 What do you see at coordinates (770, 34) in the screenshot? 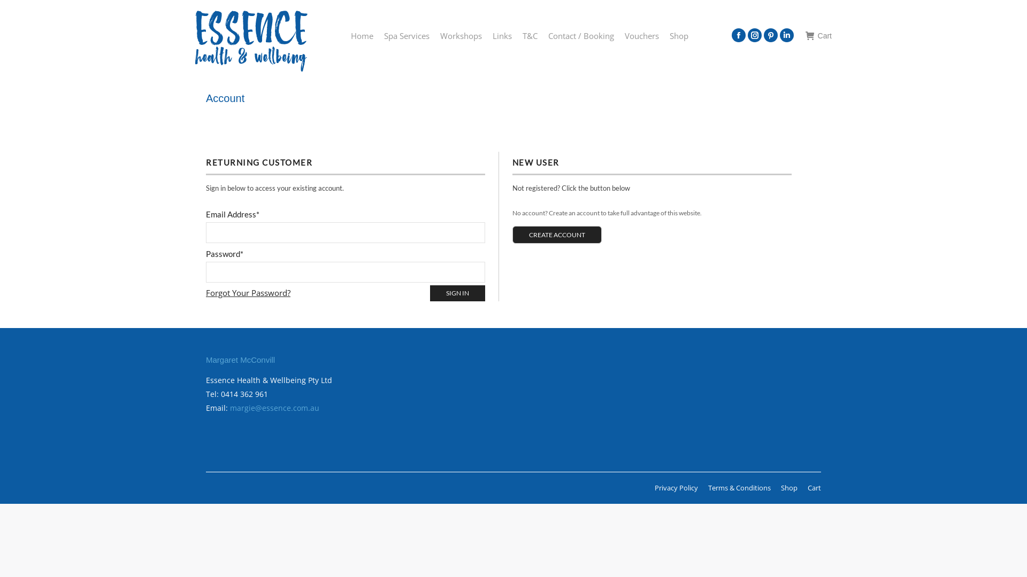
I see `'Pinterest page opens in new window'` at bounding box center [770, 34].